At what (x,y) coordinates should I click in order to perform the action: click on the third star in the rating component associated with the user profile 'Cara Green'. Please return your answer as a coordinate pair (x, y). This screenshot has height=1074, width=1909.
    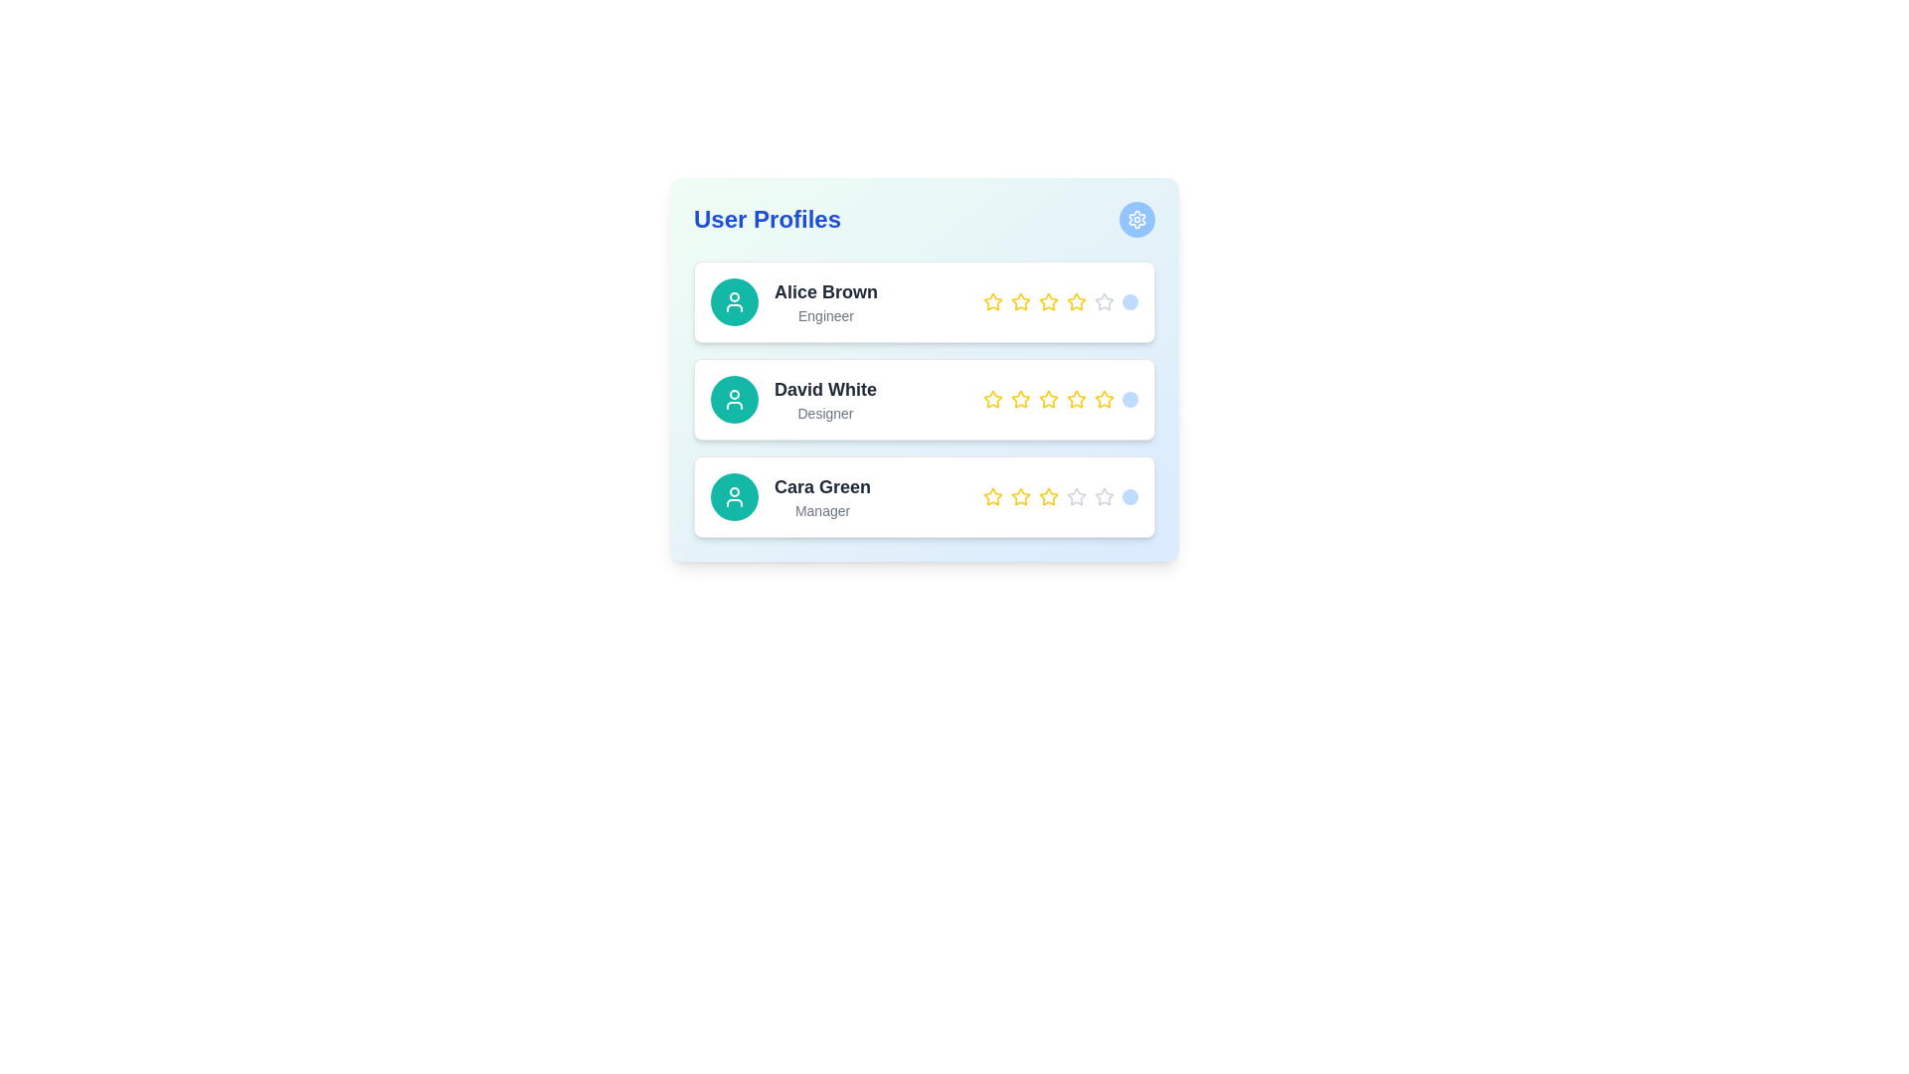
    Looking at the image, I should click on (1076, 495).